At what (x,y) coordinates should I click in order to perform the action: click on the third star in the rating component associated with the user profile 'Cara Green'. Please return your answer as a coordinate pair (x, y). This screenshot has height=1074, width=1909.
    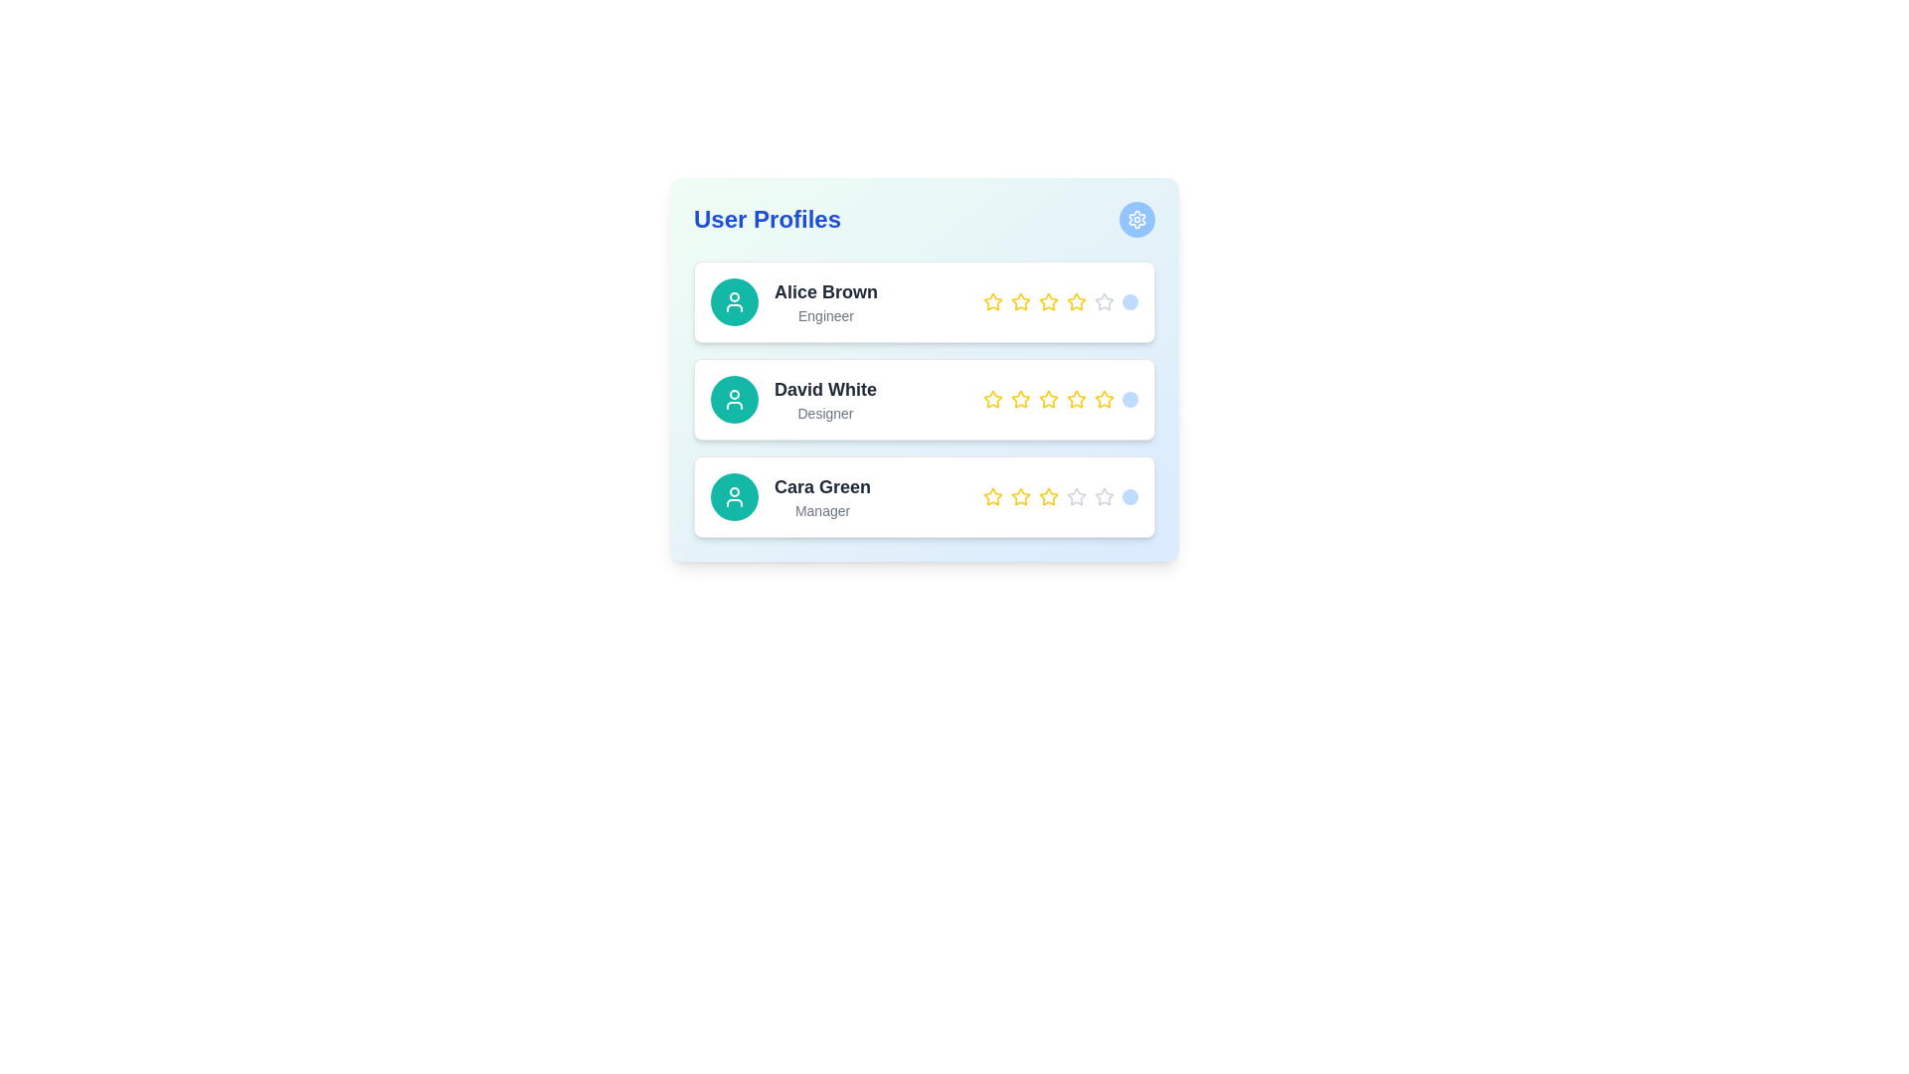
    Looking at the image, I should click on (1076, 495).